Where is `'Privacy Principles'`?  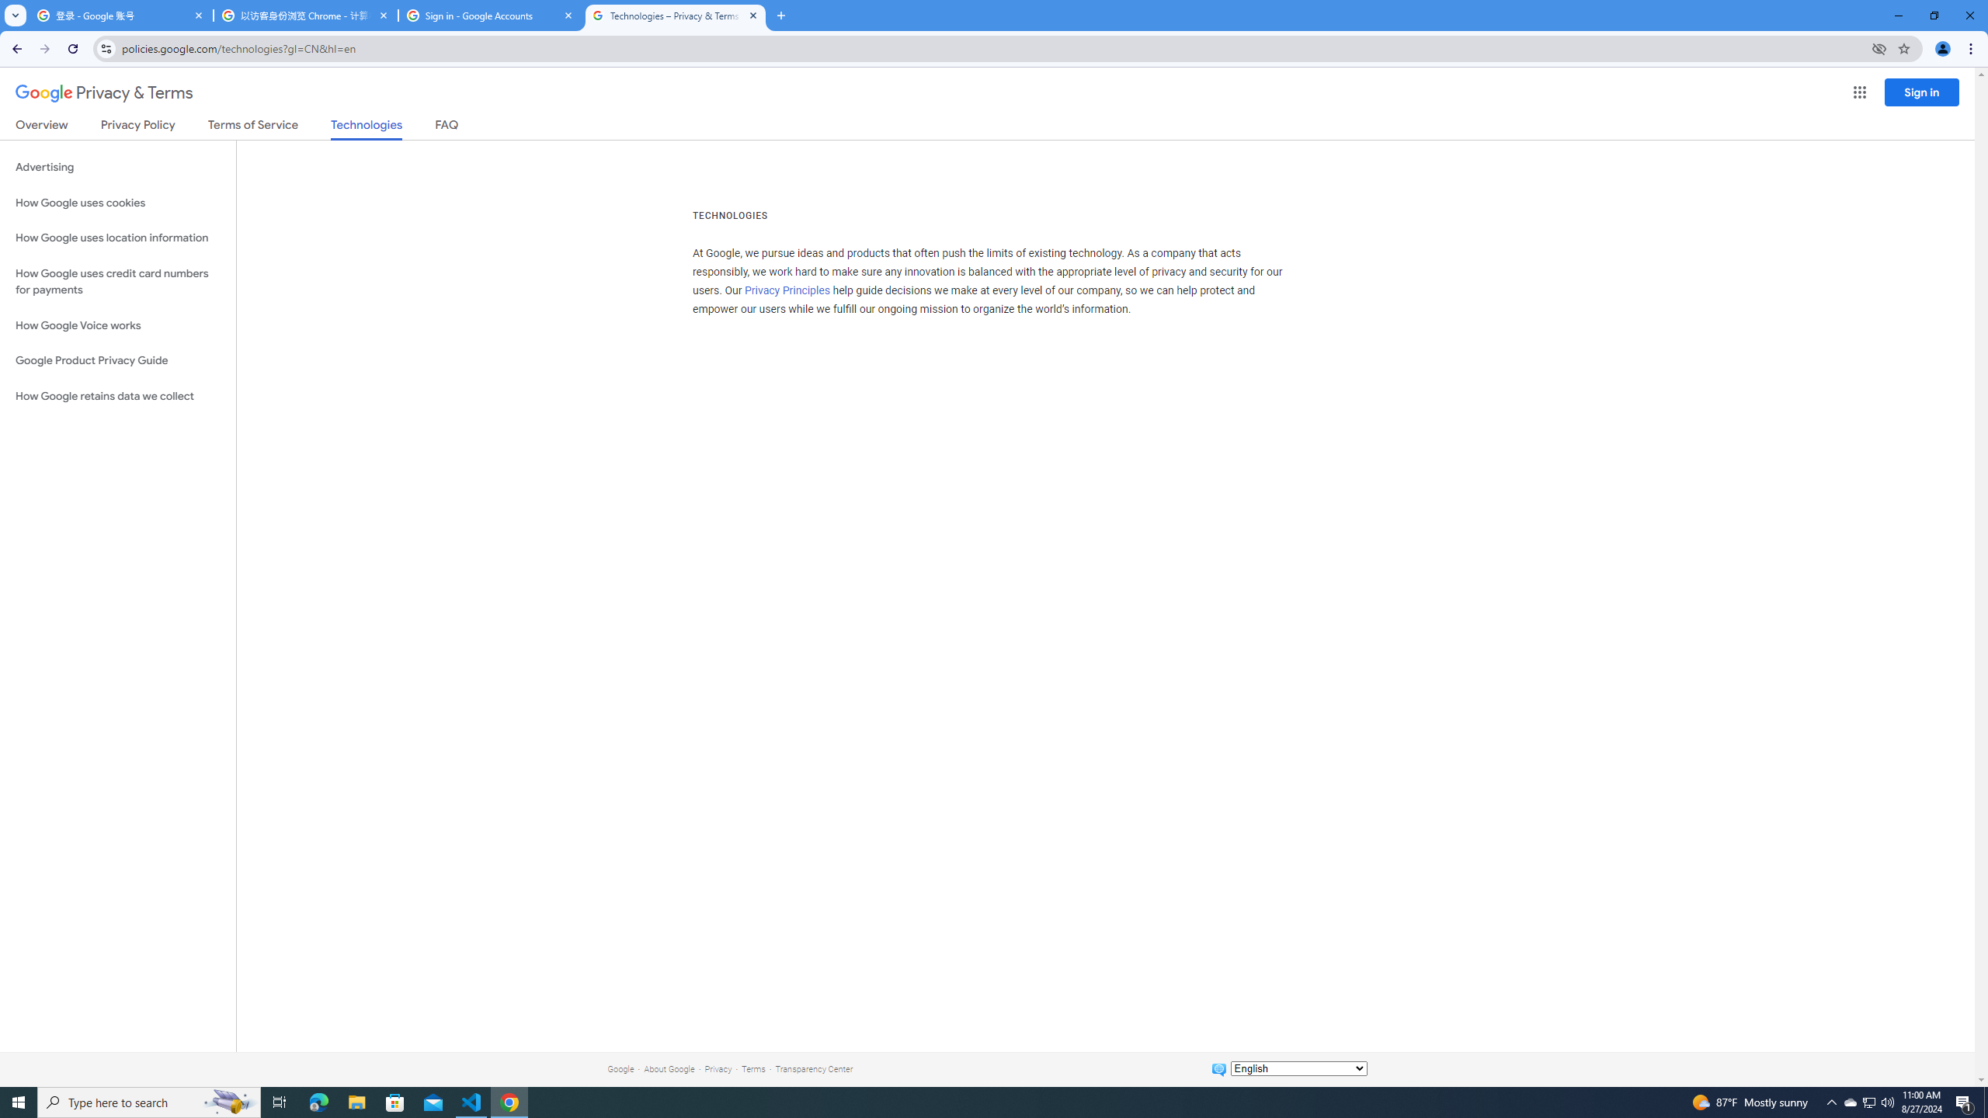
'Privacy Principles' is located at coordinates (788, 291).